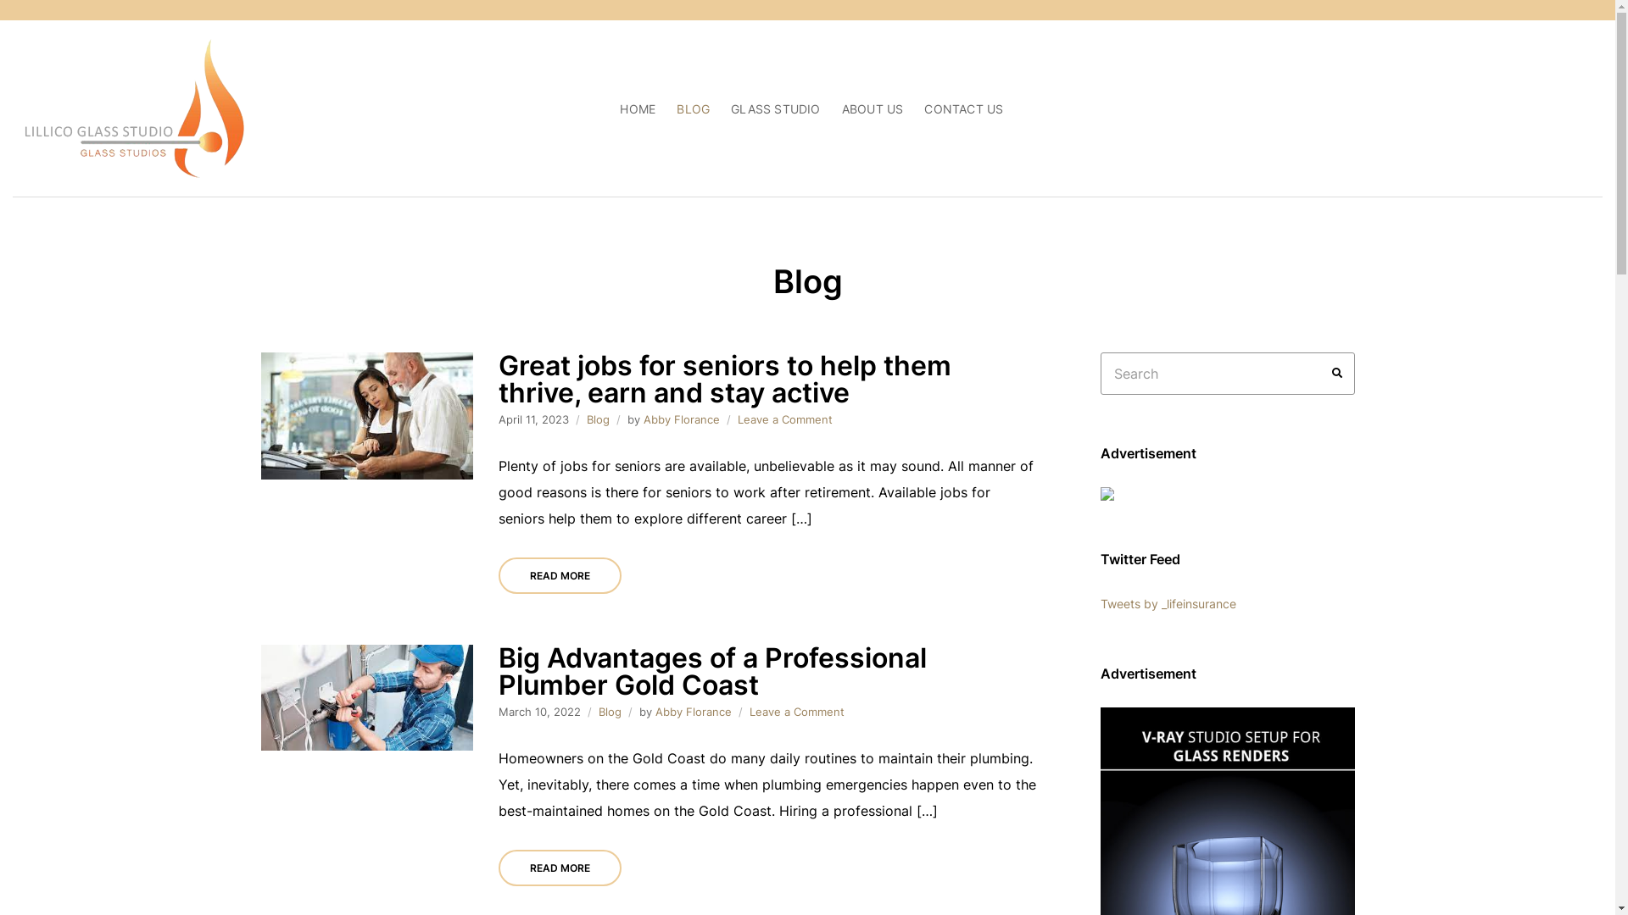 Image resolution: width=1628 pixels, height=915 pixels. I want to click on 'READ MORE', so click(560, 574).